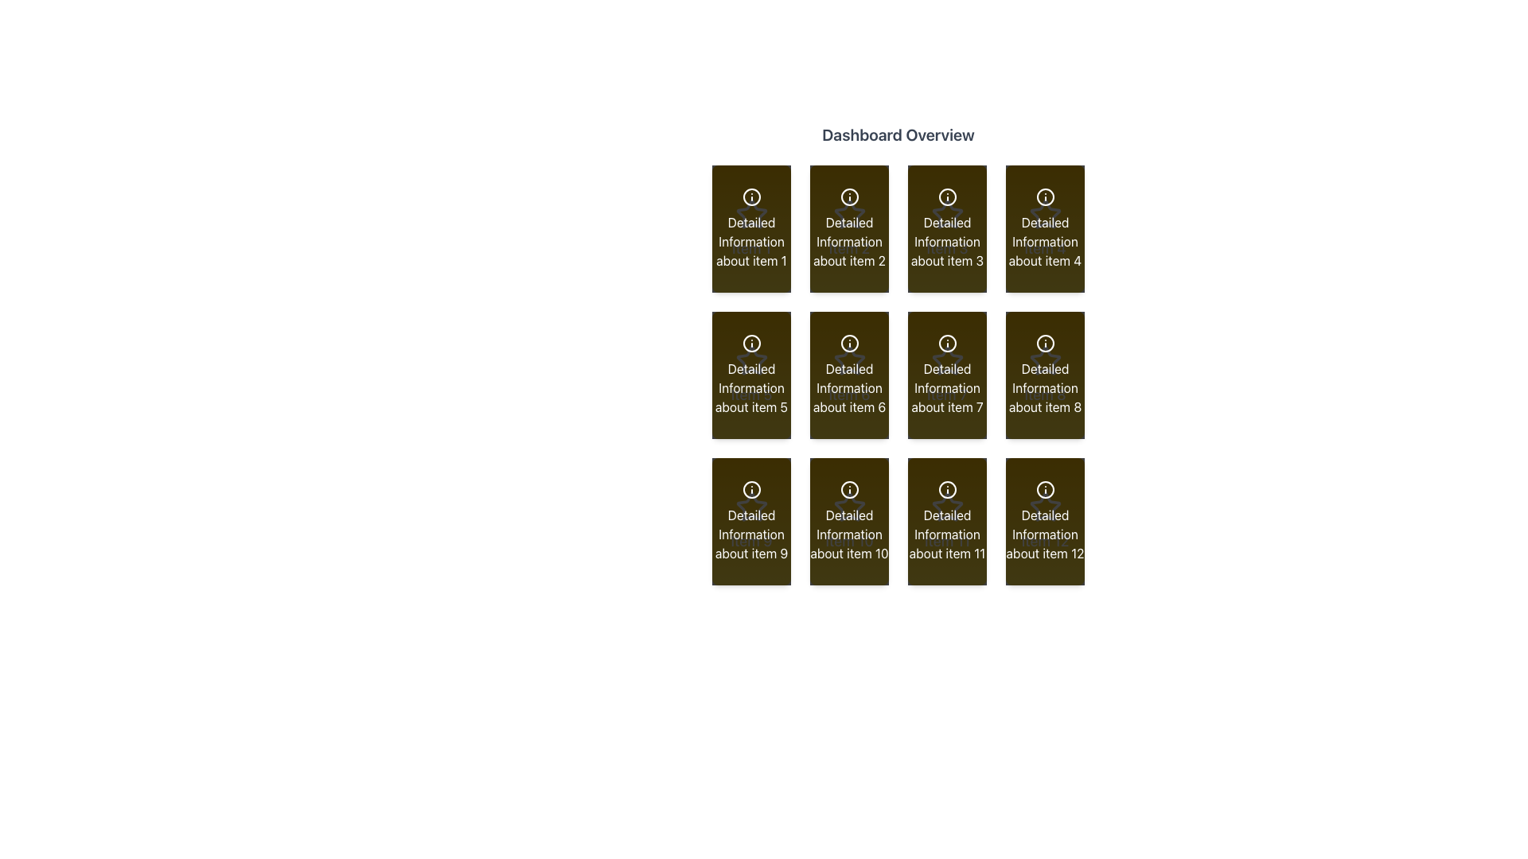  What do you see at coordinates (947, 534) in the screenshot?
I see `text content of the label displaying 'Detailed Information about item 11', located in the second column of the fourth row in a 4x3 grid layout` at bounding box center [947, 534].